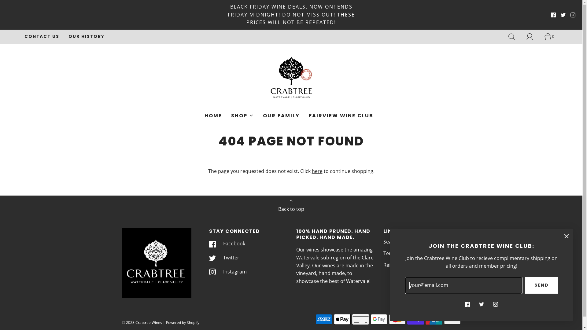  I want to click on 'Search', so click(515, 36).